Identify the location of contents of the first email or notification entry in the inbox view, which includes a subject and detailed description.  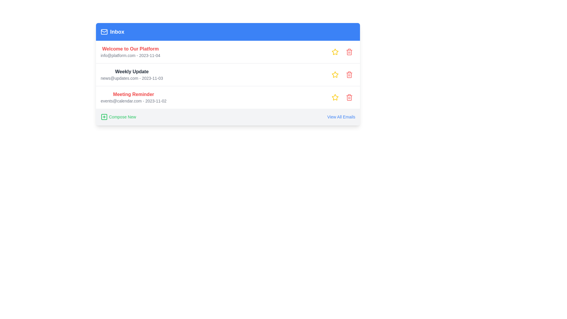
(130, 52).